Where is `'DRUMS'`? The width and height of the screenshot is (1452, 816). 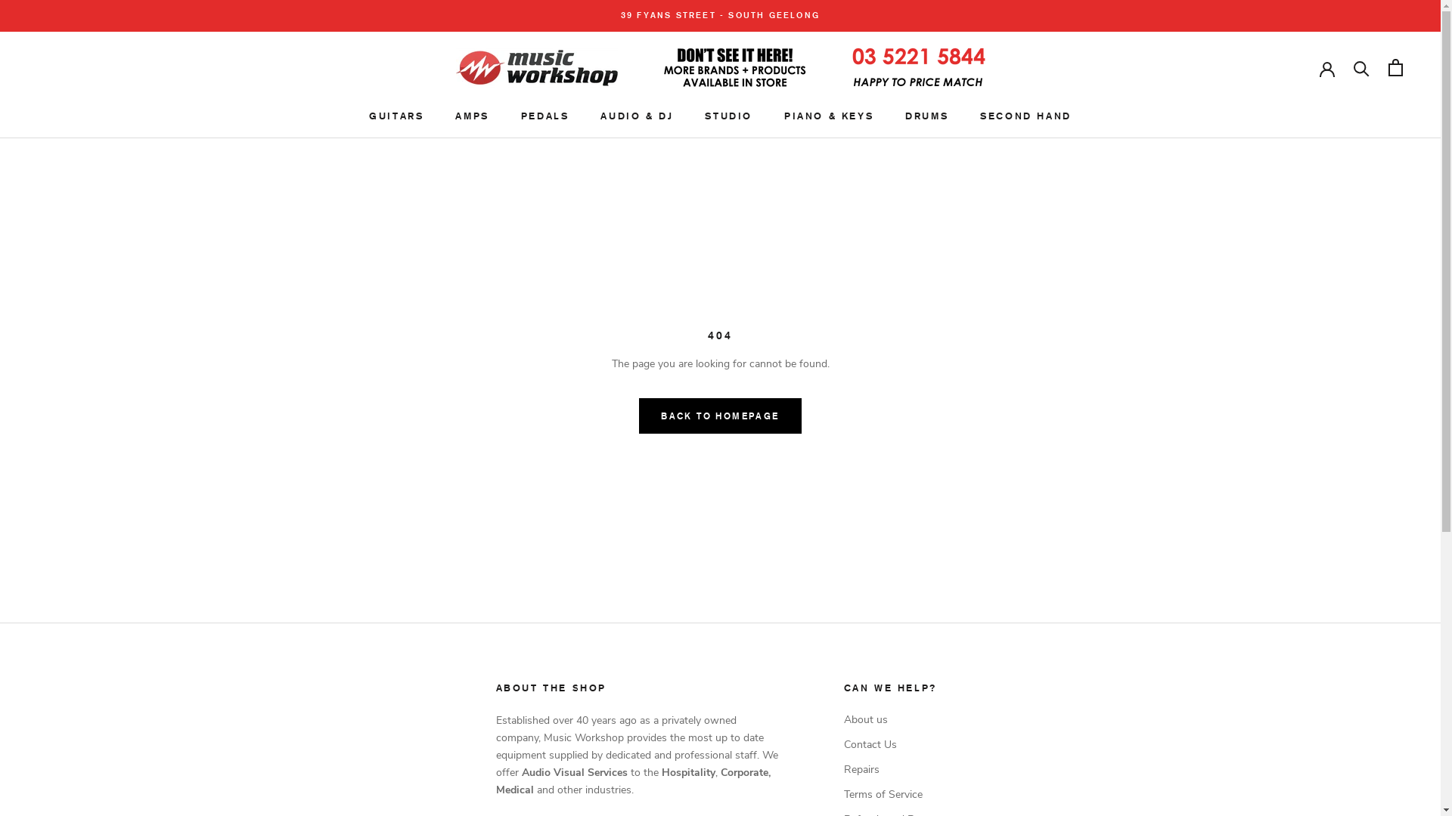 'DRUMS' is located at coordinates (926, 115).